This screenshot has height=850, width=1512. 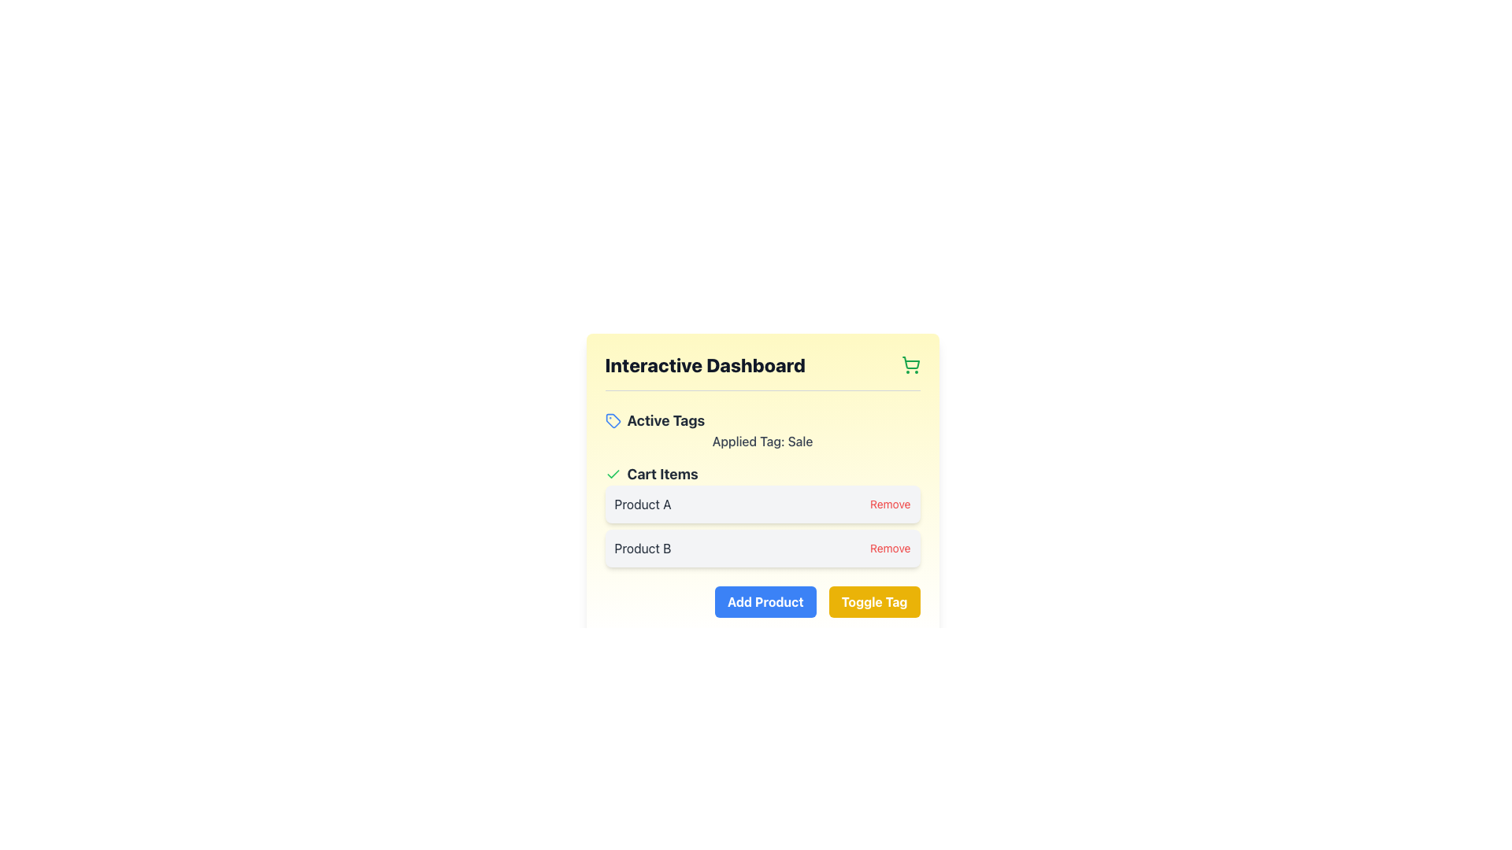 What do you see at coordinates (889, 548) in the screenshot?
I see `the clickable text link next to 'Product B' in the 'Cart Items' section` at bounding box center [889, 548].